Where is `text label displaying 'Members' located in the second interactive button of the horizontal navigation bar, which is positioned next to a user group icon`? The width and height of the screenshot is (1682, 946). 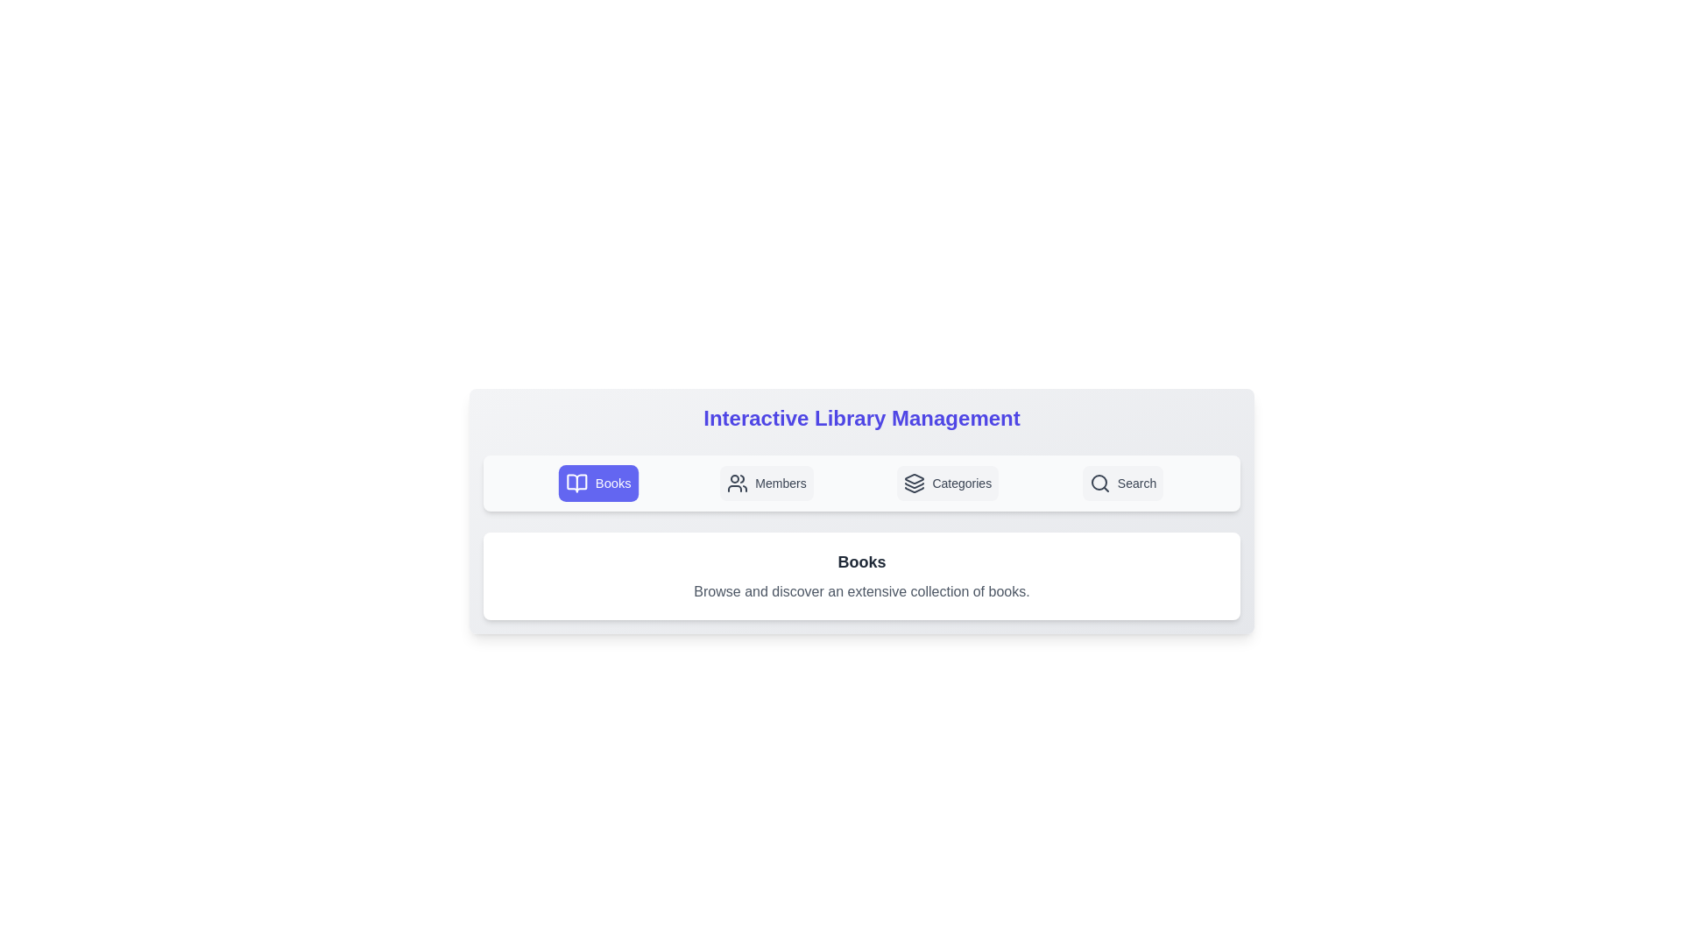 text label displaying 'Members' located in the second interactive button of the horizontal navigation bar, which is positioned next to a user group icon is located at coordinates (780, 483).